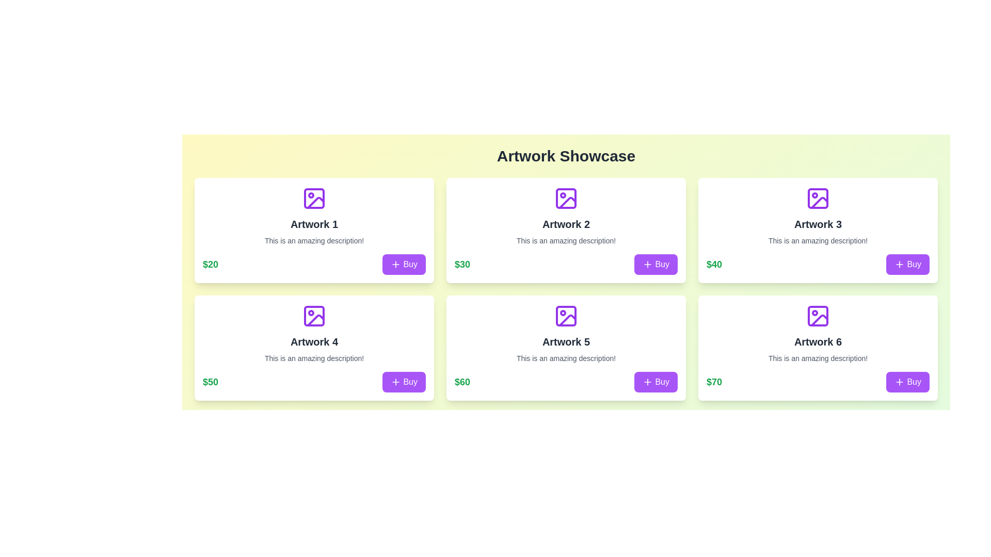  I want to click on the purple-stroked arrow icon located in the top-right card titled 'Artwork 3', so click(819, 203).